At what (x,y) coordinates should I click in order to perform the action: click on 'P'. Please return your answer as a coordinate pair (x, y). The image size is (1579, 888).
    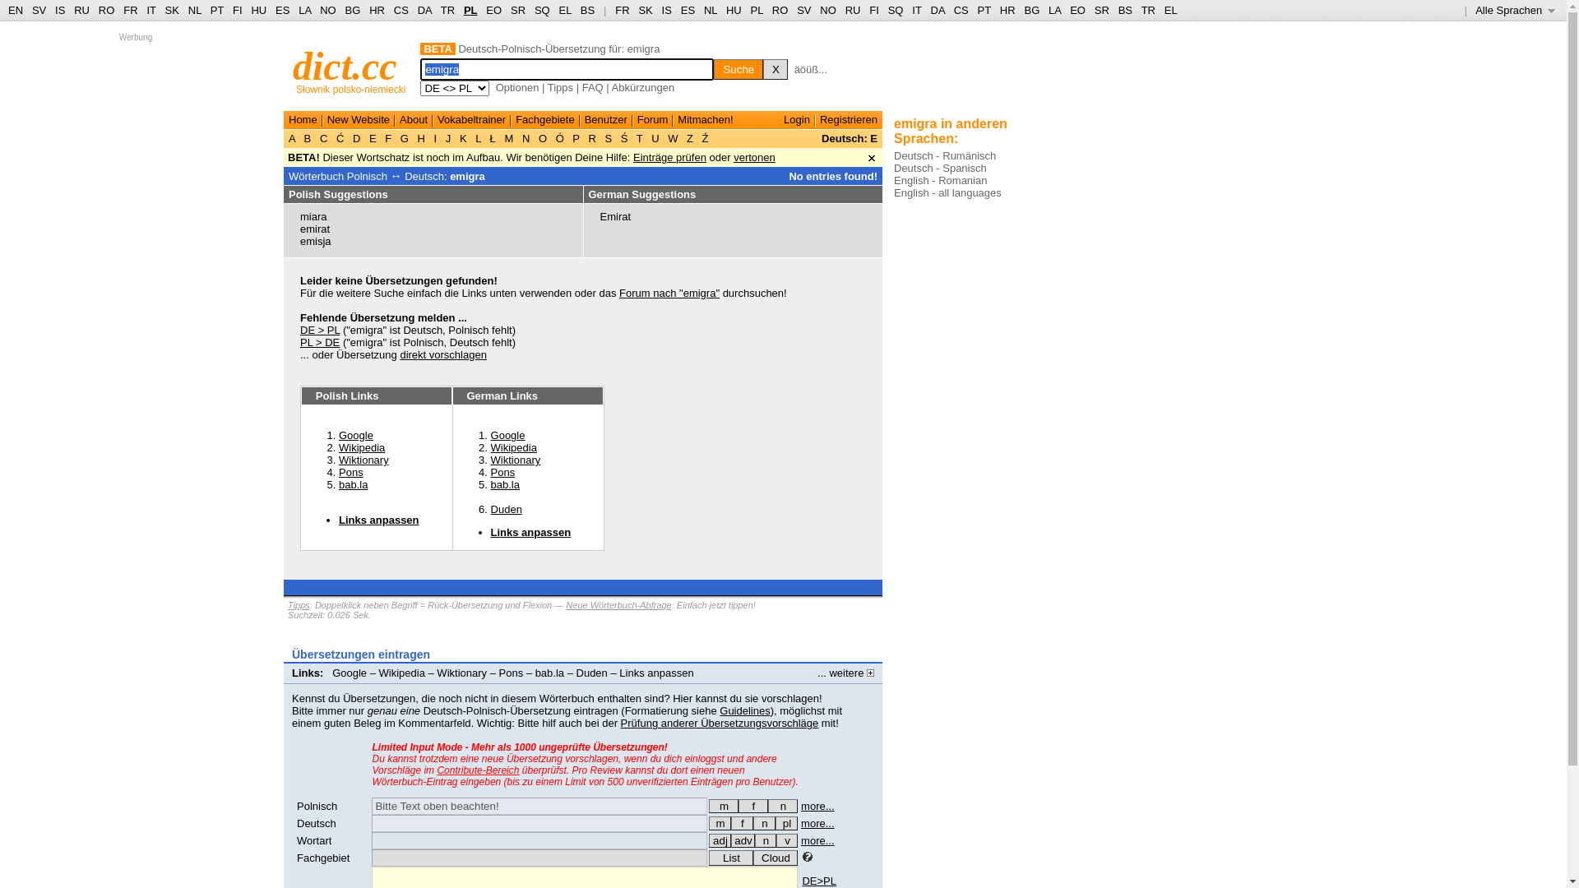
    Looking at the image, I should click on (576, 137).